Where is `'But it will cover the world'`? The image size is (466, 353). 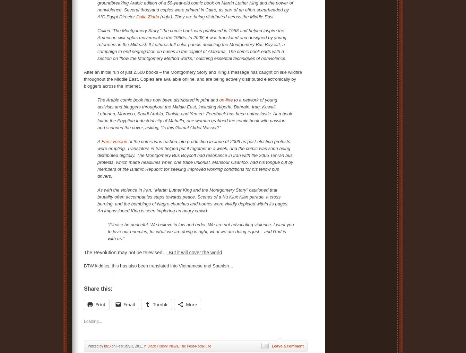 'But it will cover the world' is located at coordinates (194, 252).